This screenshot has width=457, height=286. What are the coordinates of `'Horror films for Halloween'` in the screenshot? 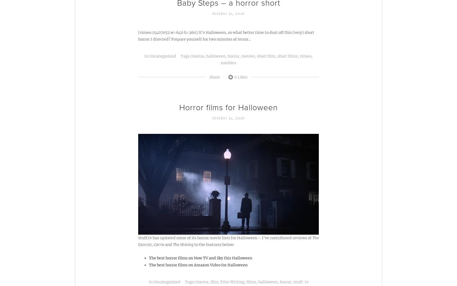 It's located at (228, 107).